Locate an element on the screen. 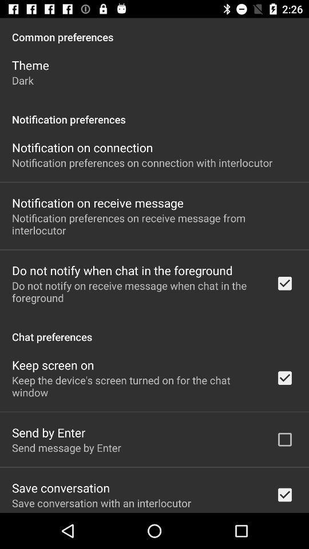 The image size is (309, 549). the keep the device is located at coordinates (136, 386).